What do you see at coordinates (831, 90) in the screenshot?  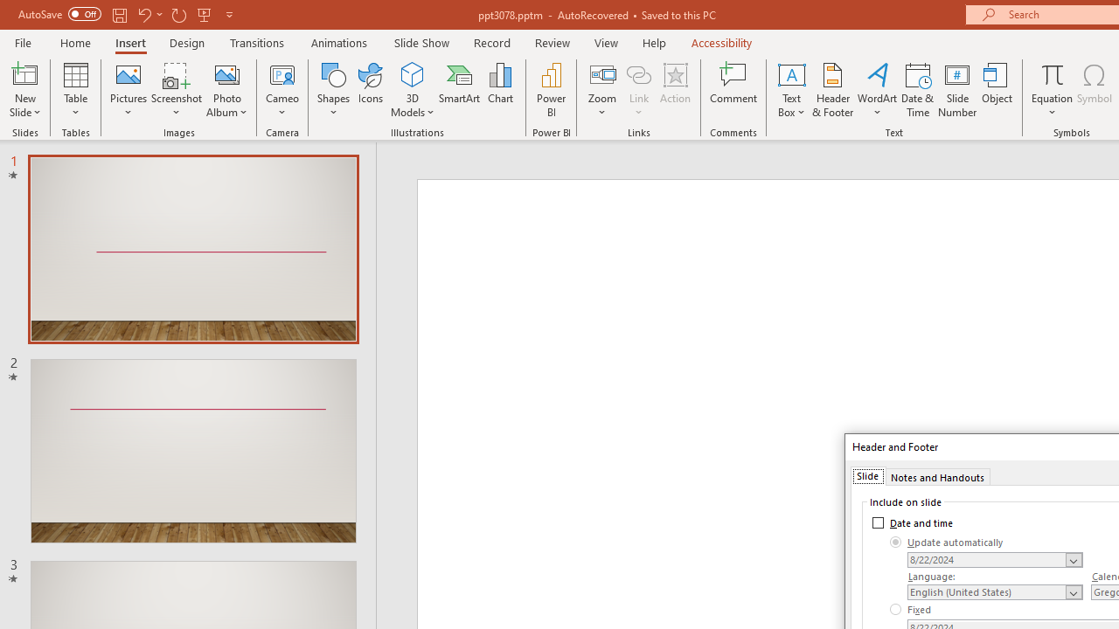 I see `'Header & Footer...'` at bounding box center [831, 90].